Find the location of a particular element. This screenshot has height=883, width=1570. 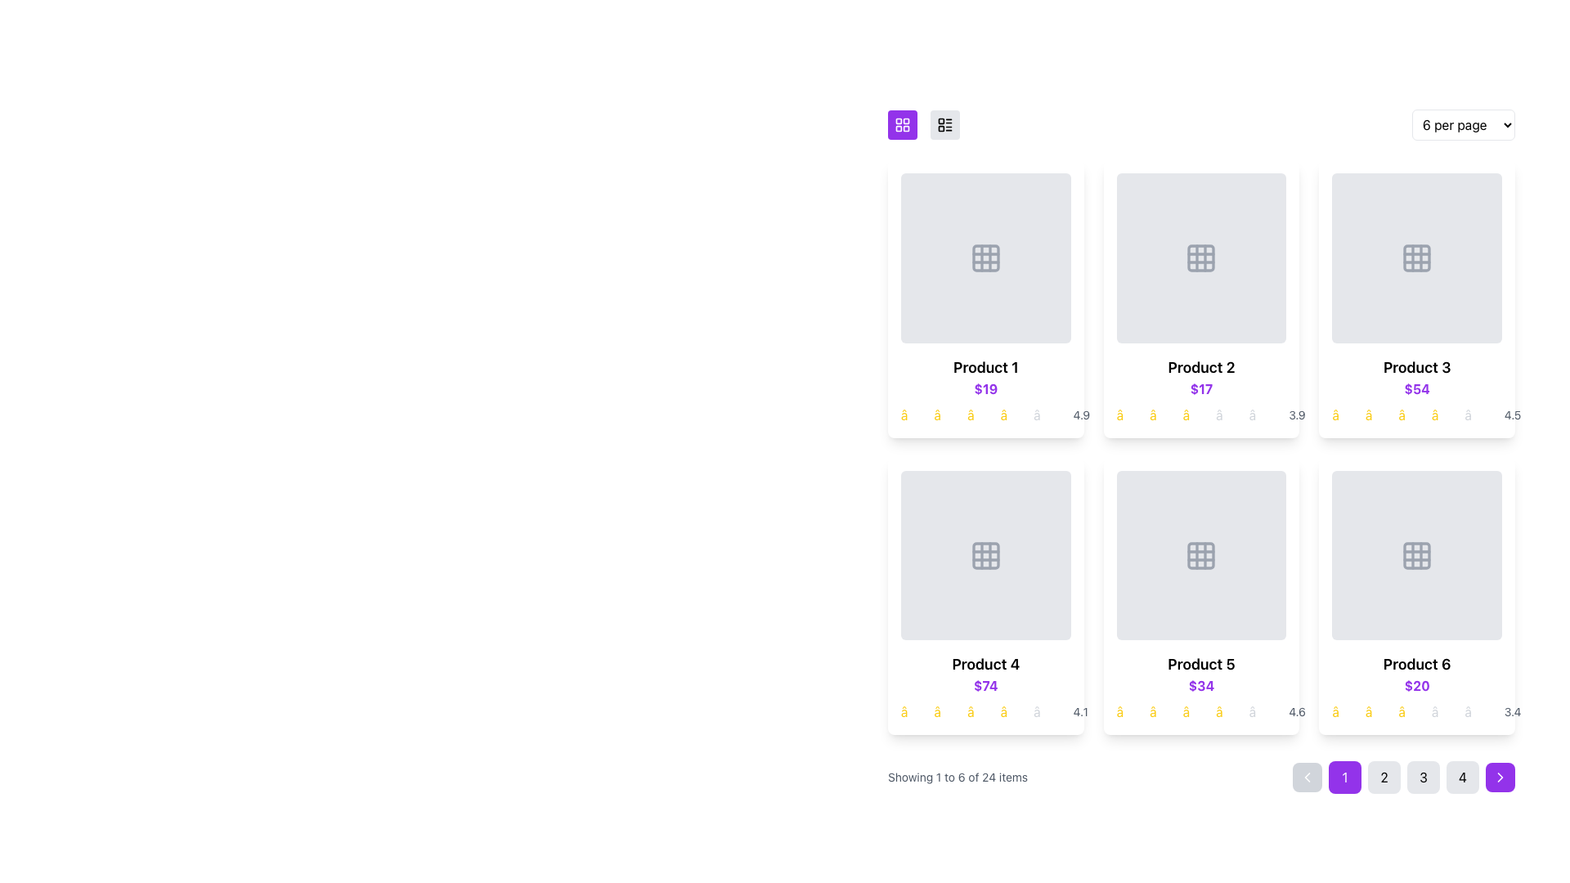

the small rectangular button with a rounded border and a purple background containing a right-facing chevron icon, located in the bottom-right corner of the interface is located at coordinates (1500, 777).